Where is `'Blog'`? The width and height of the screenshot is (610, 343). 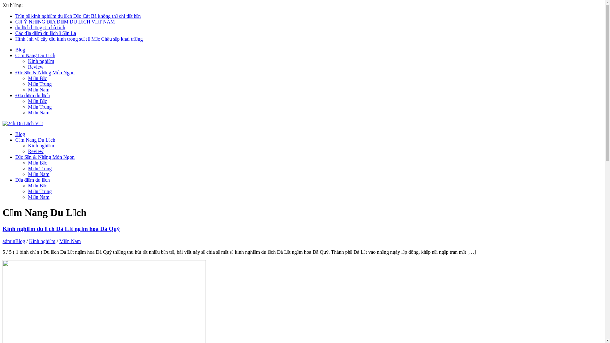
'Blog' is located at coordinates (15, 49).